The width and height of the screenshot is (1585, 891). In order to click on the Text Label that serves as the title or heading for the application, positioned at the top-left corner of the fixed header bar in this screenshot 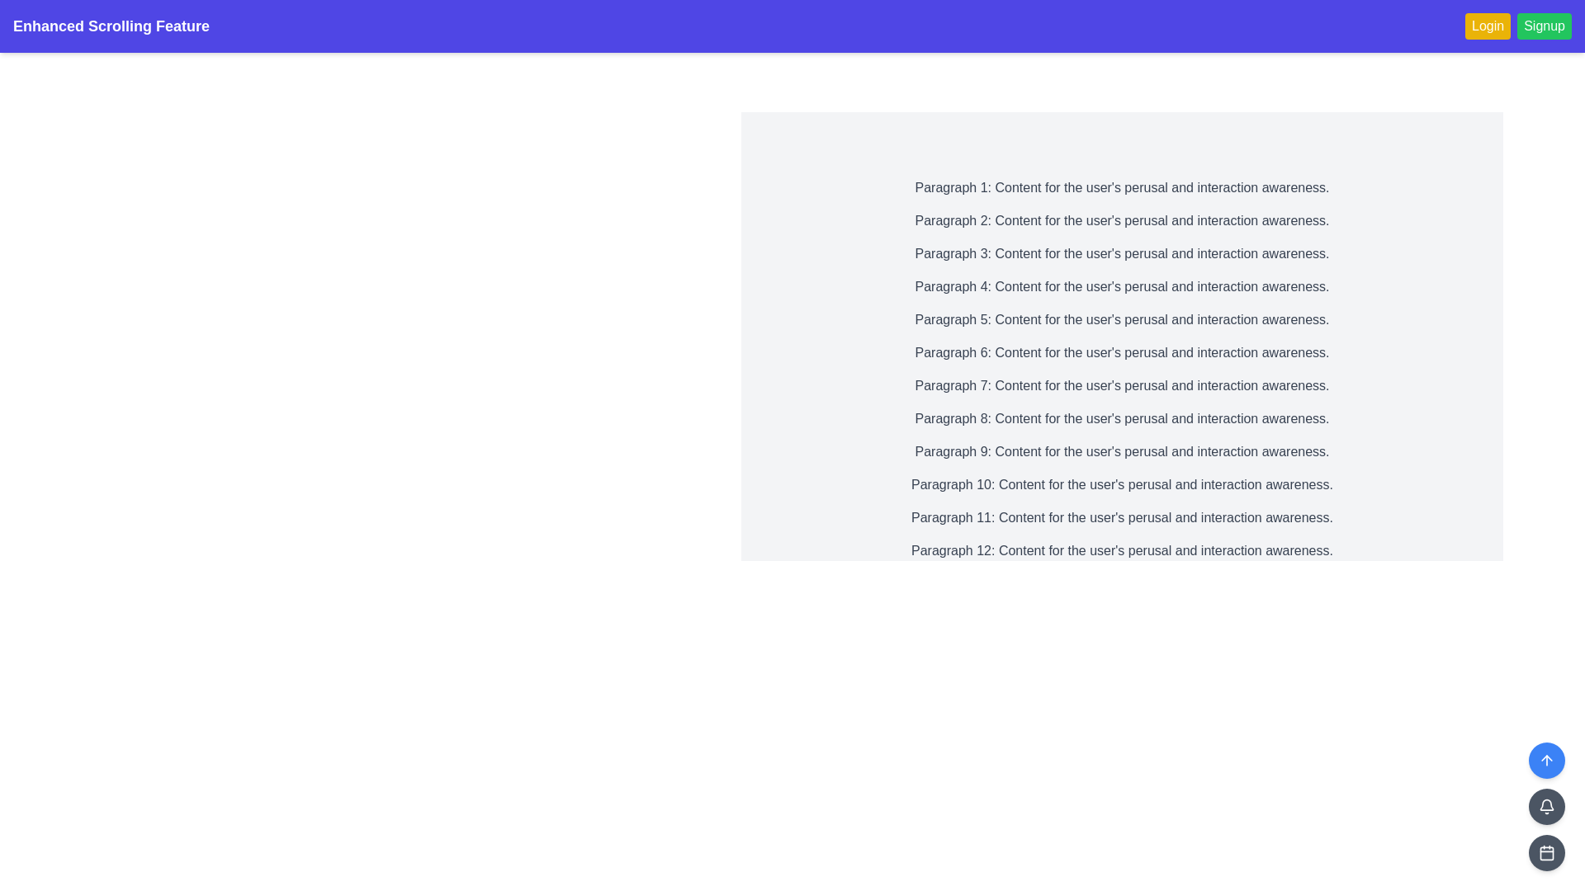, I will do `click(110, 26)`.